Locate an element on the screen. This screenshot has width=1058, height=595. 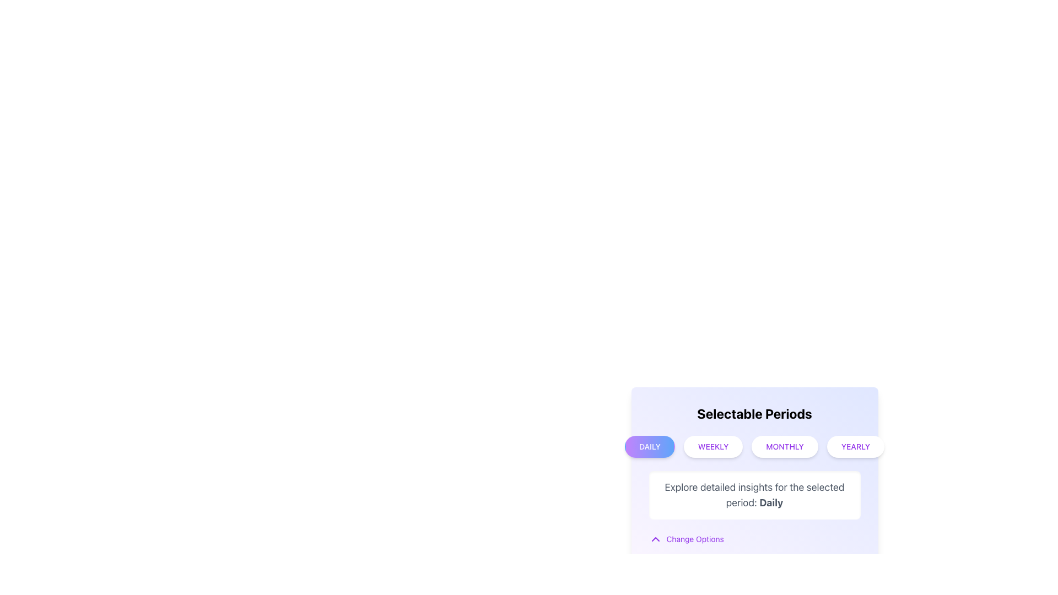
the 'Yearly' button, which is the last button in a row of four is located at coordinates (855, 446).